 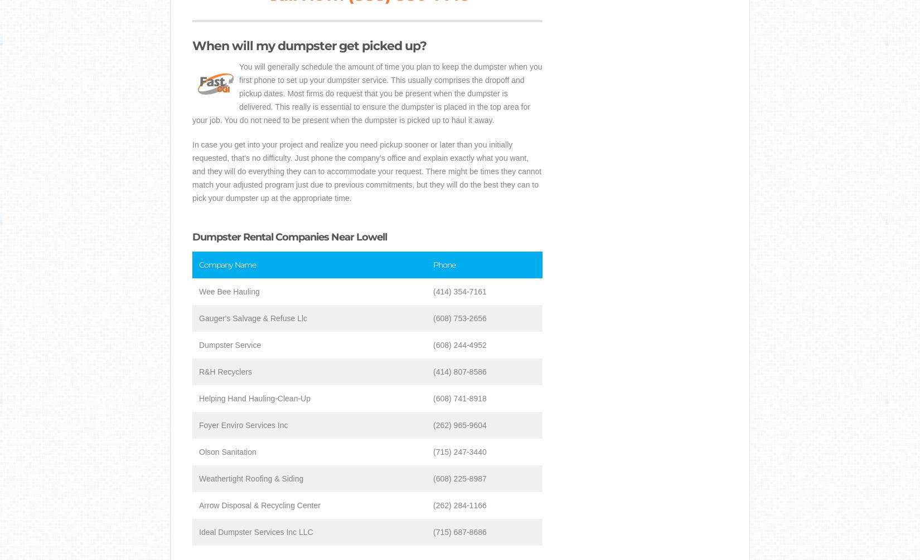 I want to click on 'Foyer Enviro Services Inc', so click(x=243, y=424).